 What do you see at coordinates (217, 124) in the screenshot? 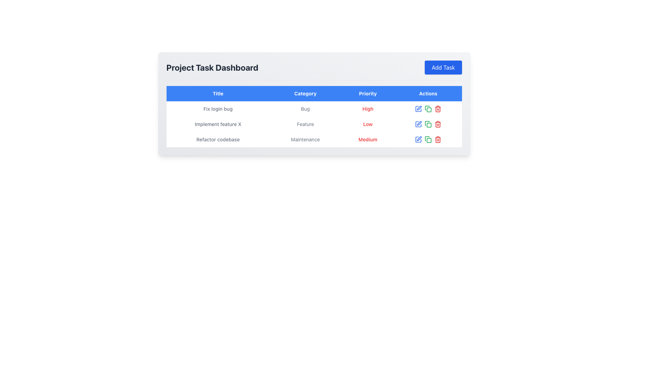
I see `the text label displaying 'Implement feature X'` at bounding box center [217, 124].